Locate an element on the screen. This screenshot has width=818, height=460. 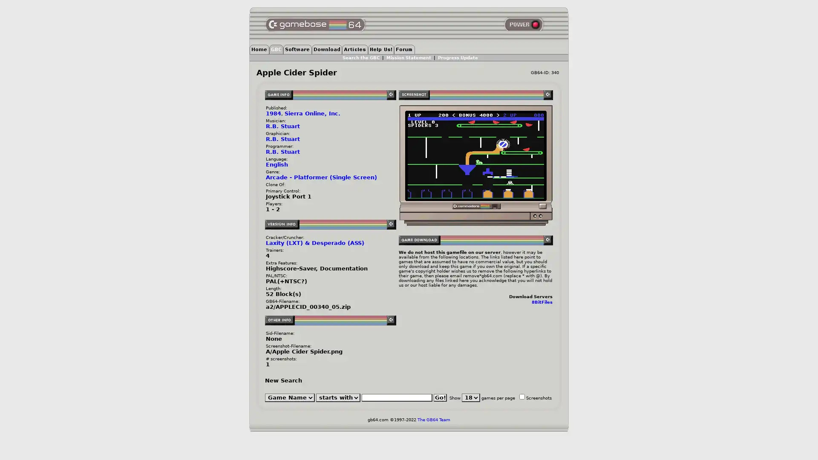
Go! is located at coordinates (440, 397).